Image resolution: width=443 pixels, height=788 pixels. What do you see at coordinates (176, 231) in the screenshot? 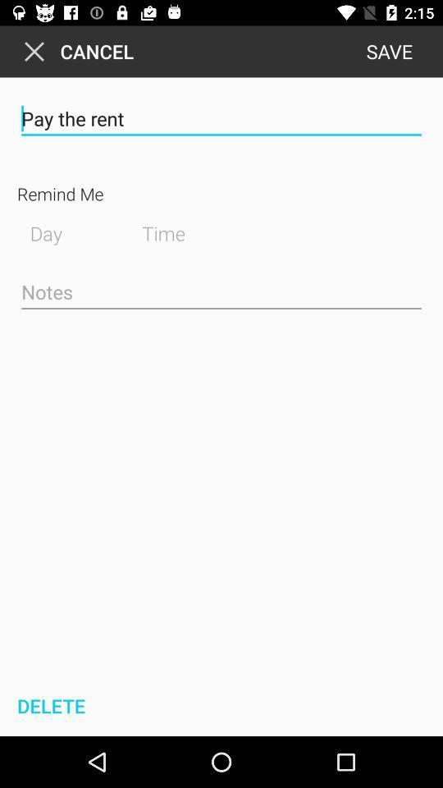
I see `icon next to day item` at bounding box center [176, 231].